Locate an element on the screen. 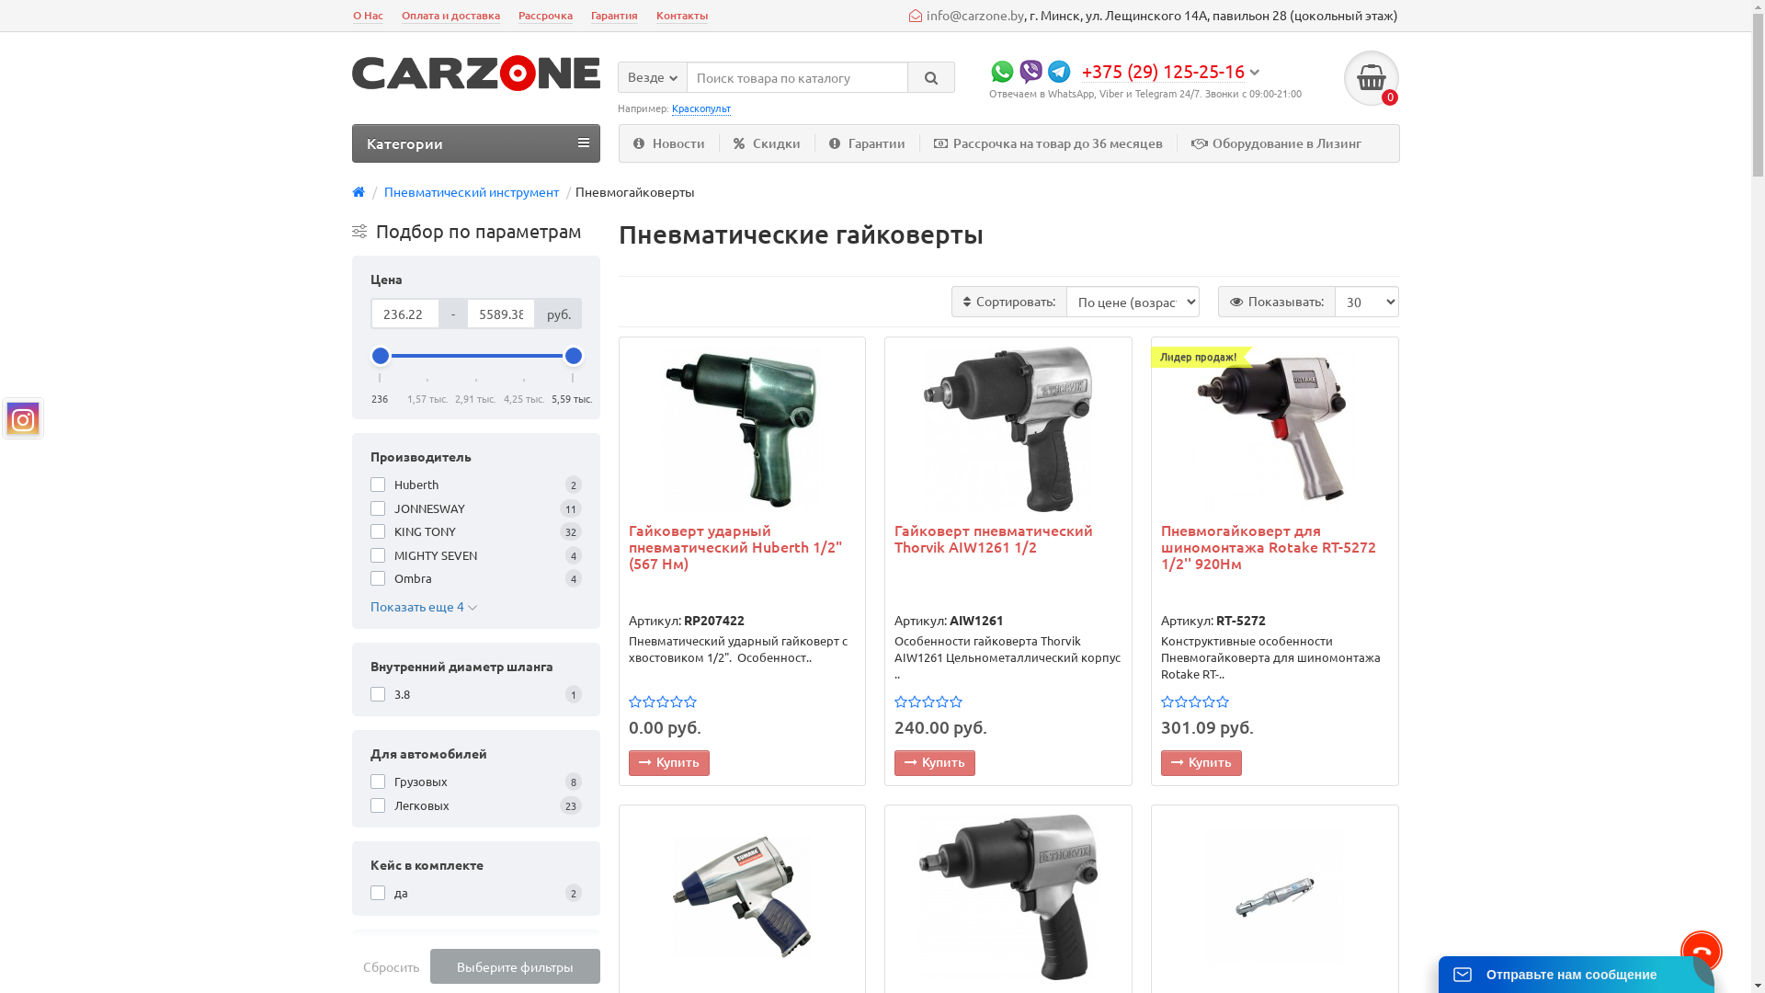 The width and height of the screenshot is (1765, 993). 'Ombra is located at coordinates (475, 576).